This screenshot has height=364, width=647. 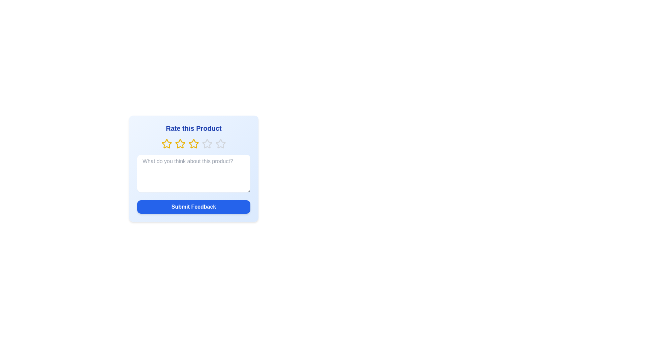 I want to click on the first star-shaped rating icon in the row below the 'Rate this Product' header to provide a rating, so click(x=166, y=143).